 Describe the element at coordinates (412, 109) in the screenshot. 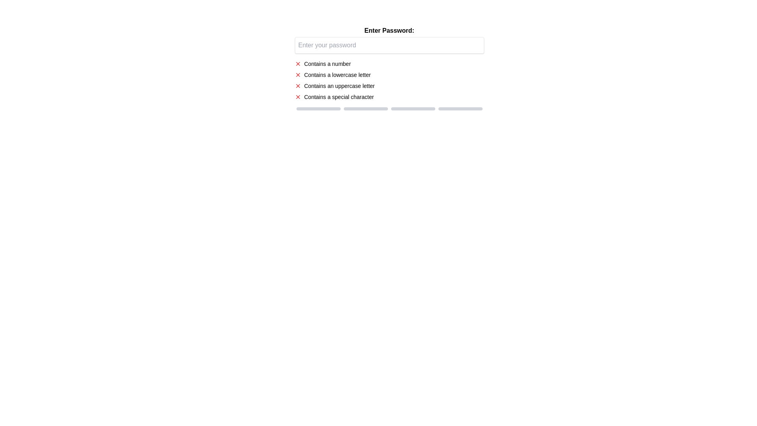

I see `the third progress bar or strength indicator, which is part of a sequence of four bars arranged horizontally below the password requirement checklist` at that location.